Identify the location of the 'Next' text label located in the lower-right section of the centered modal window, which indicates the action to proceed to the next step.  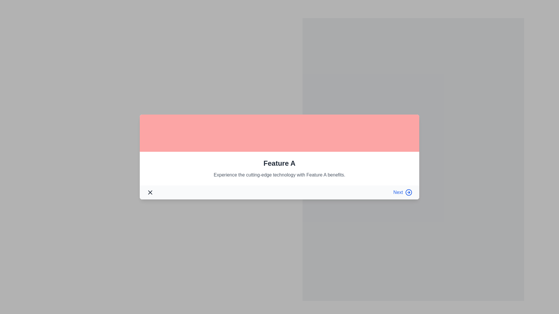
(398, 192).